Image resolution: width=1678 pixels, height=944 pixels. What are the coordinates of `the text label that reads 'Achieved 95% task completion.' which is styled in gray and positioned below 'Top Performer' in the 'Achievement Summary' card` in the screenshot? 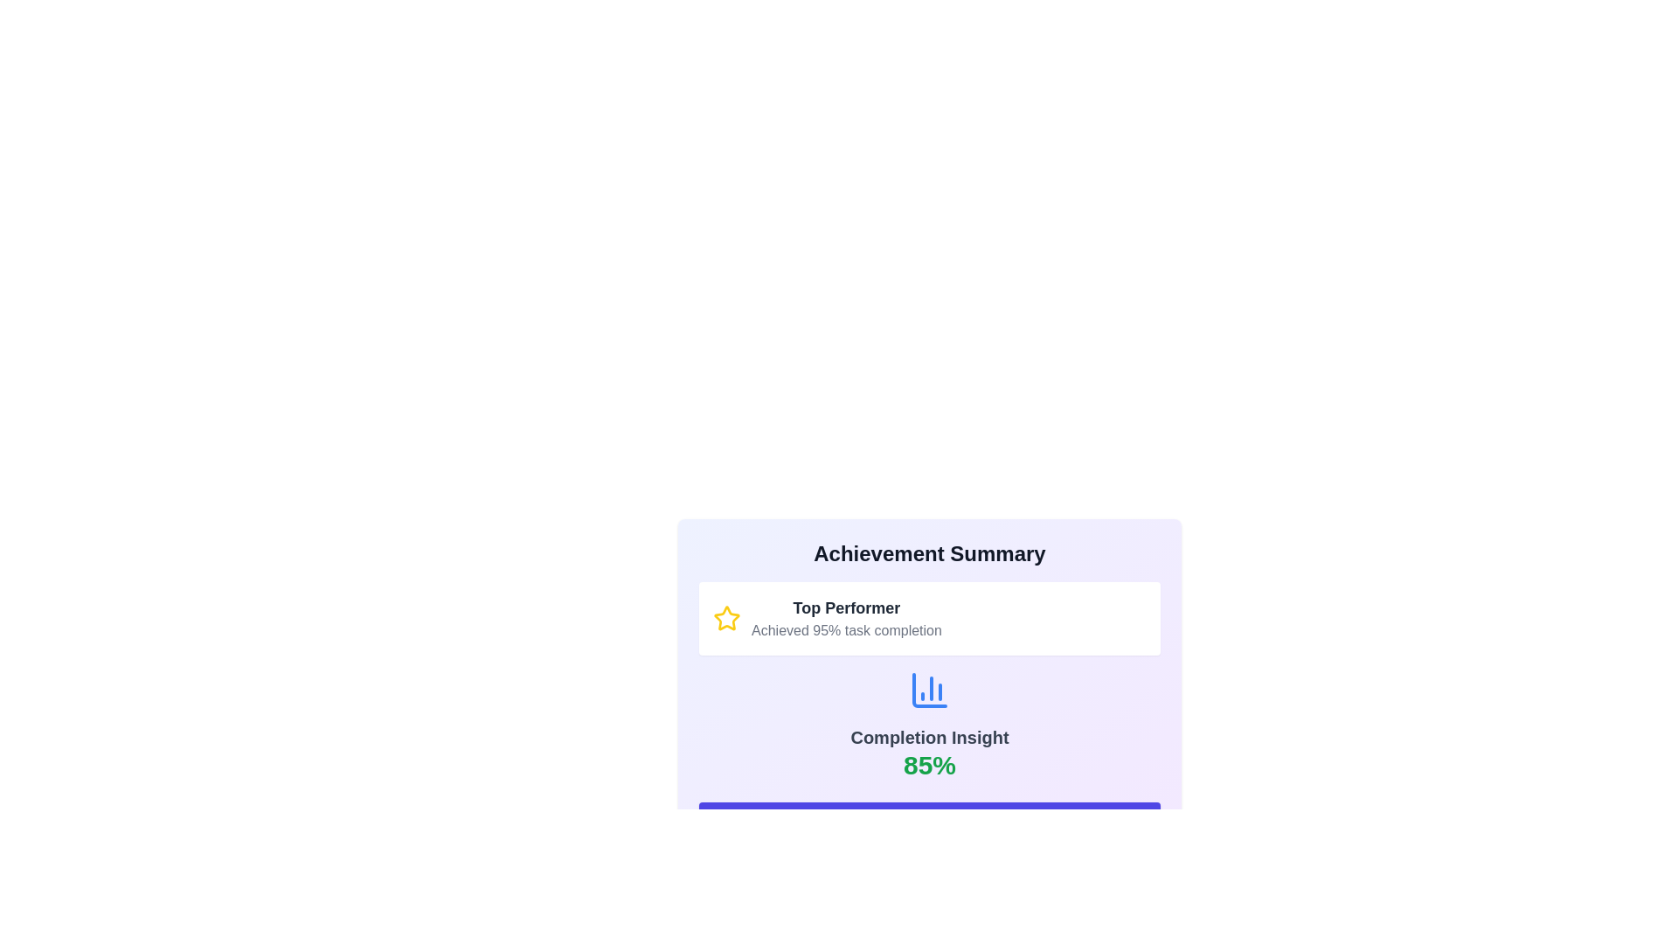 It's located at (847, 630).